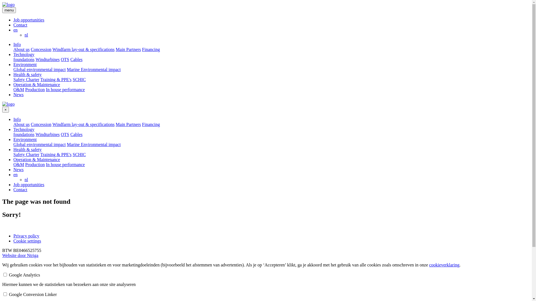 The width and height of the screenshot is (536, 301). I want to click on 'Training & PPE's', so click(56, 154).